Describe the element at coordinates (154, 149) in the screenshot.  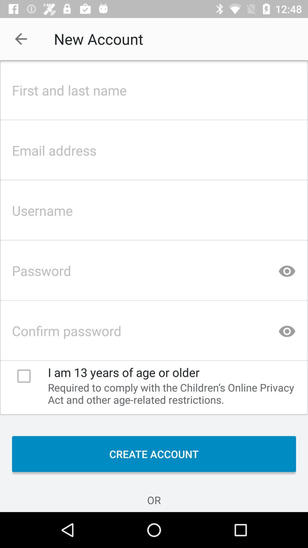
I see `email address` at that location.